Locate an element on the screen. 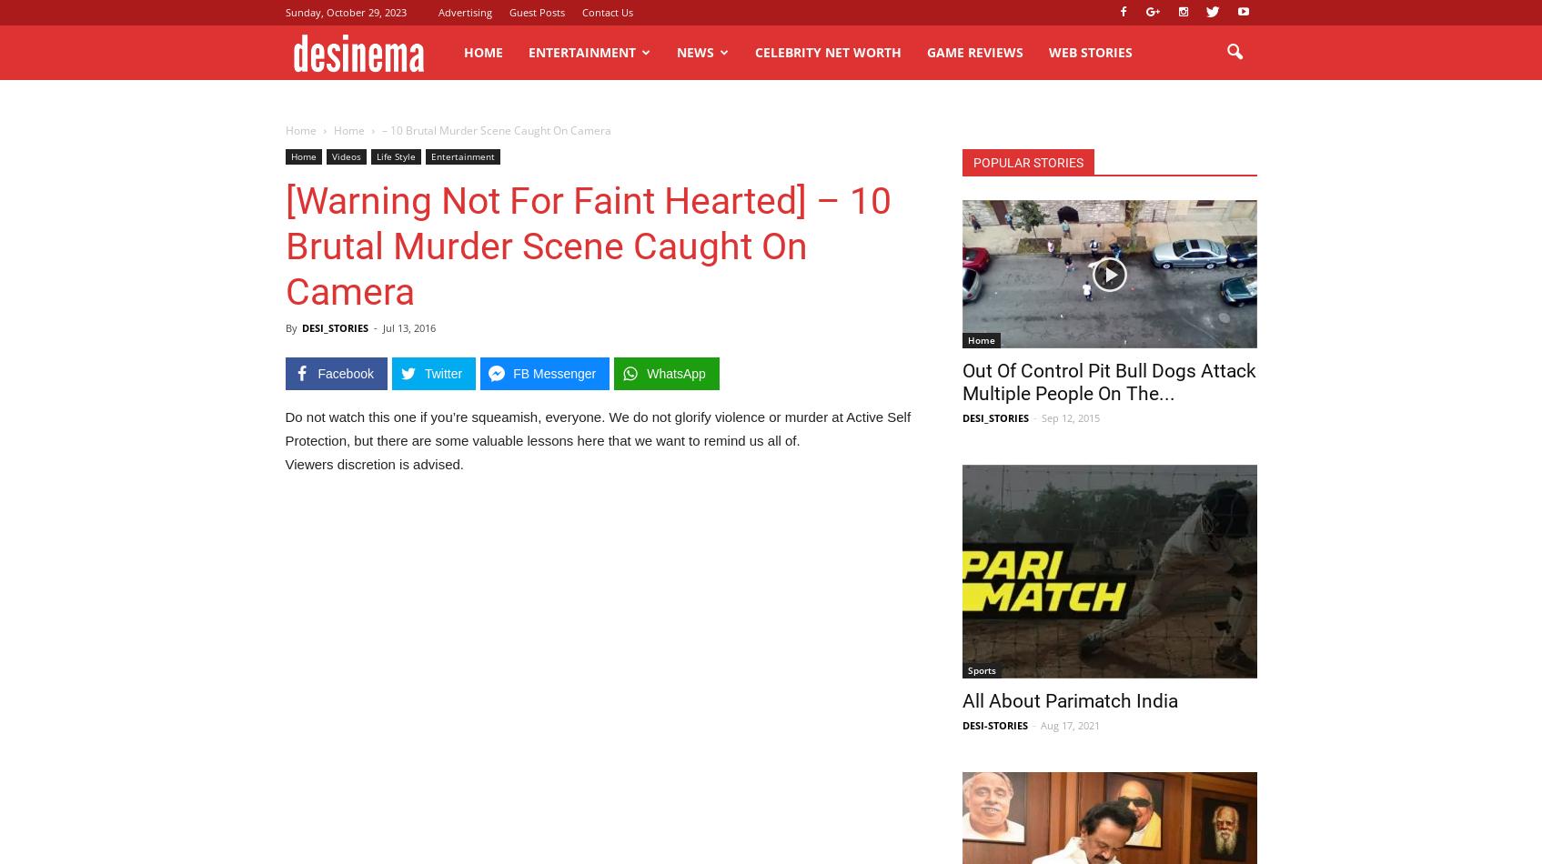 This screenshot has width=1542, height=864. '– 10 Brutal Murder Scene Caught On Camera' is located at coordinates (495, 130).